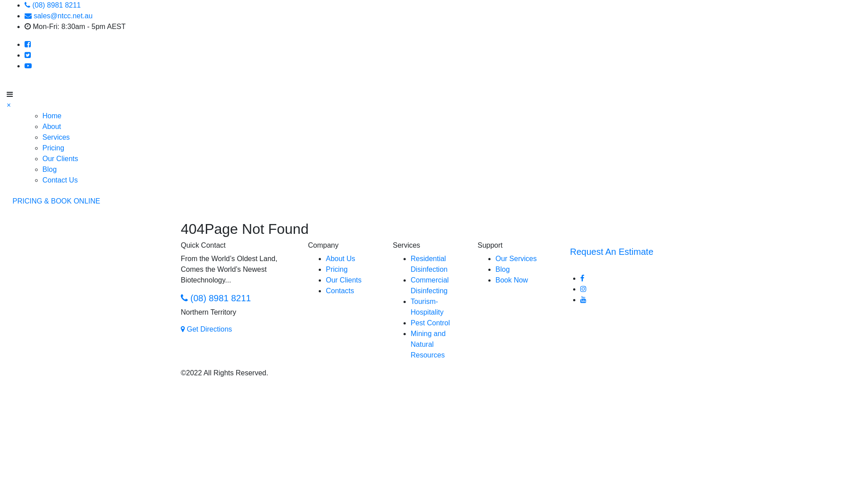 This screenshot has height=482, width=857. Describe the element at coordinates (429, 285) in the screenshot. I see `'Commercial Disinfecting'` at that location.